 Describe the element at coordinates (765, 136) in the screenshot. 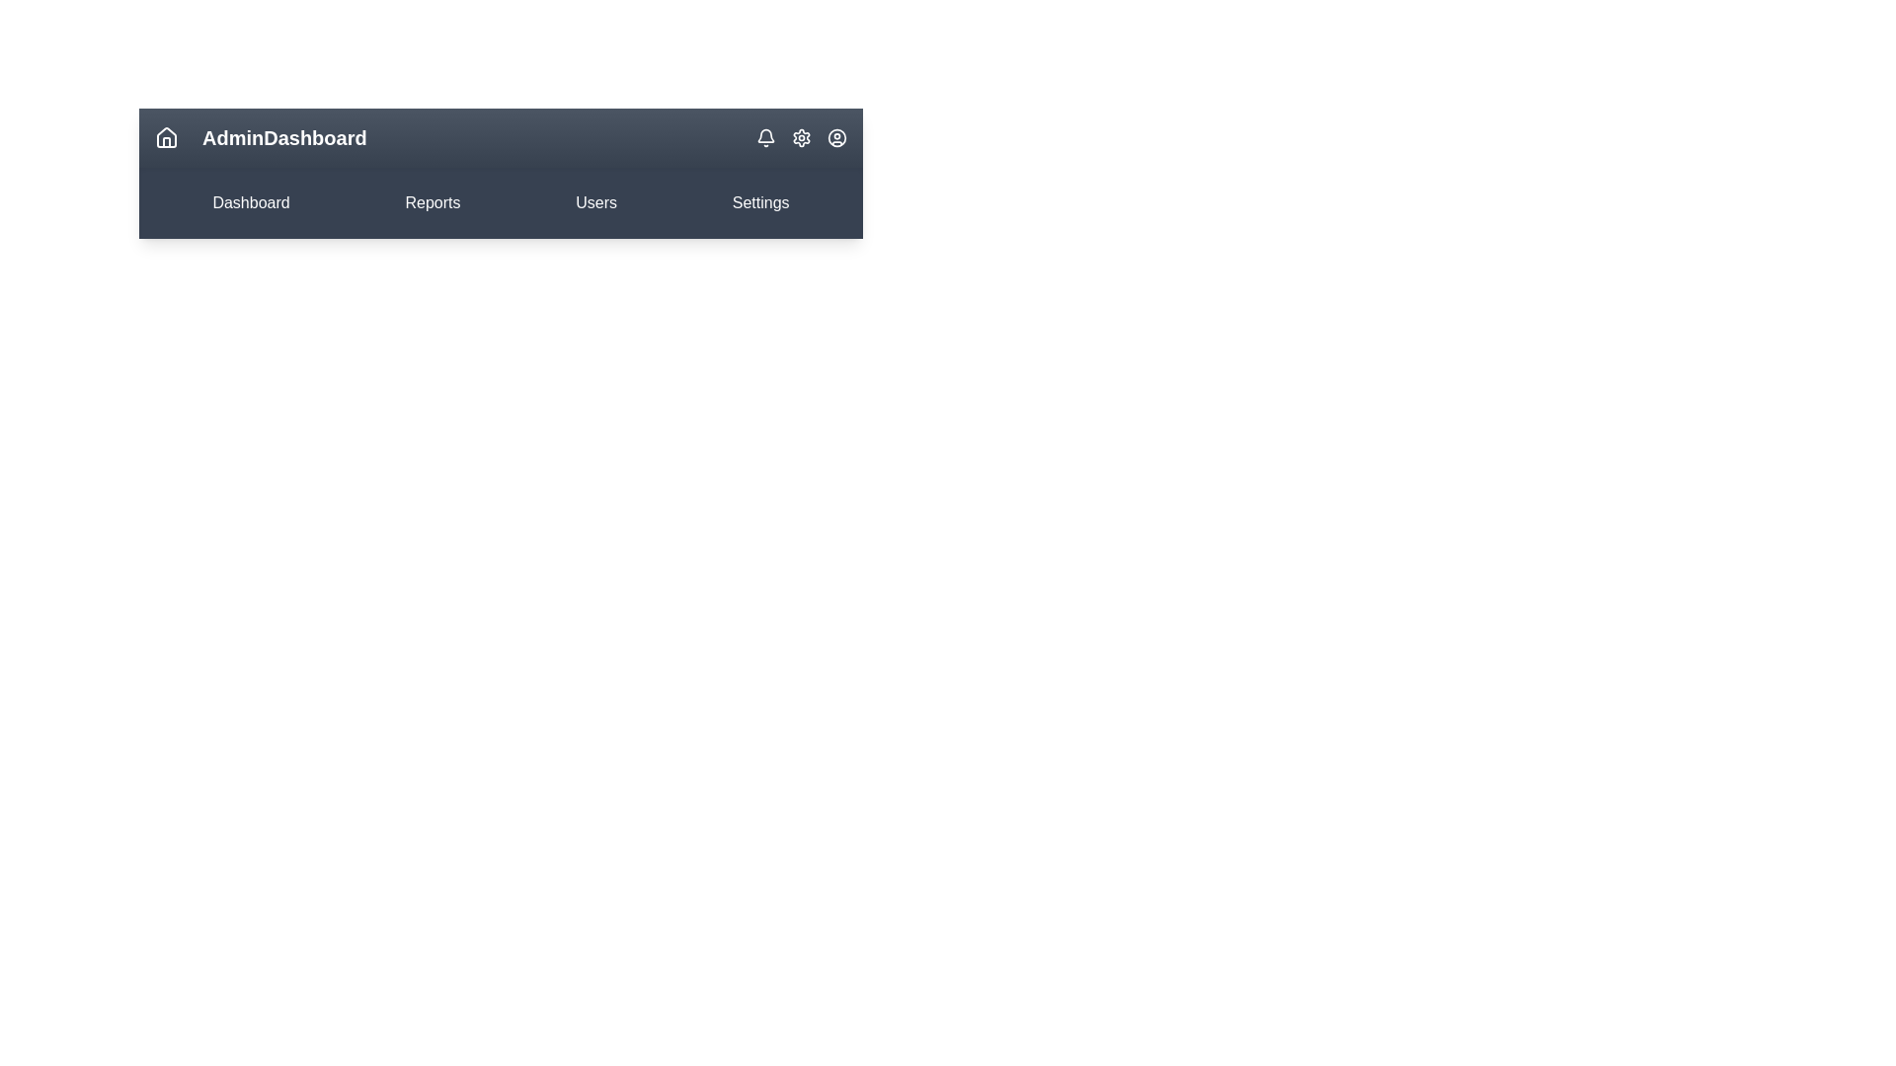

I see `the bell icon to view notifications` at that location.